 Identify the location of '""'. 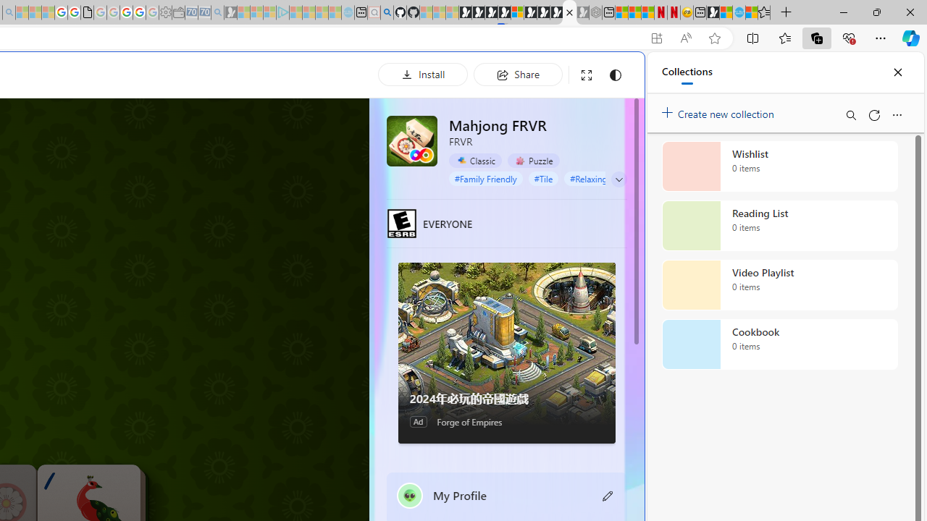
(408, 495).